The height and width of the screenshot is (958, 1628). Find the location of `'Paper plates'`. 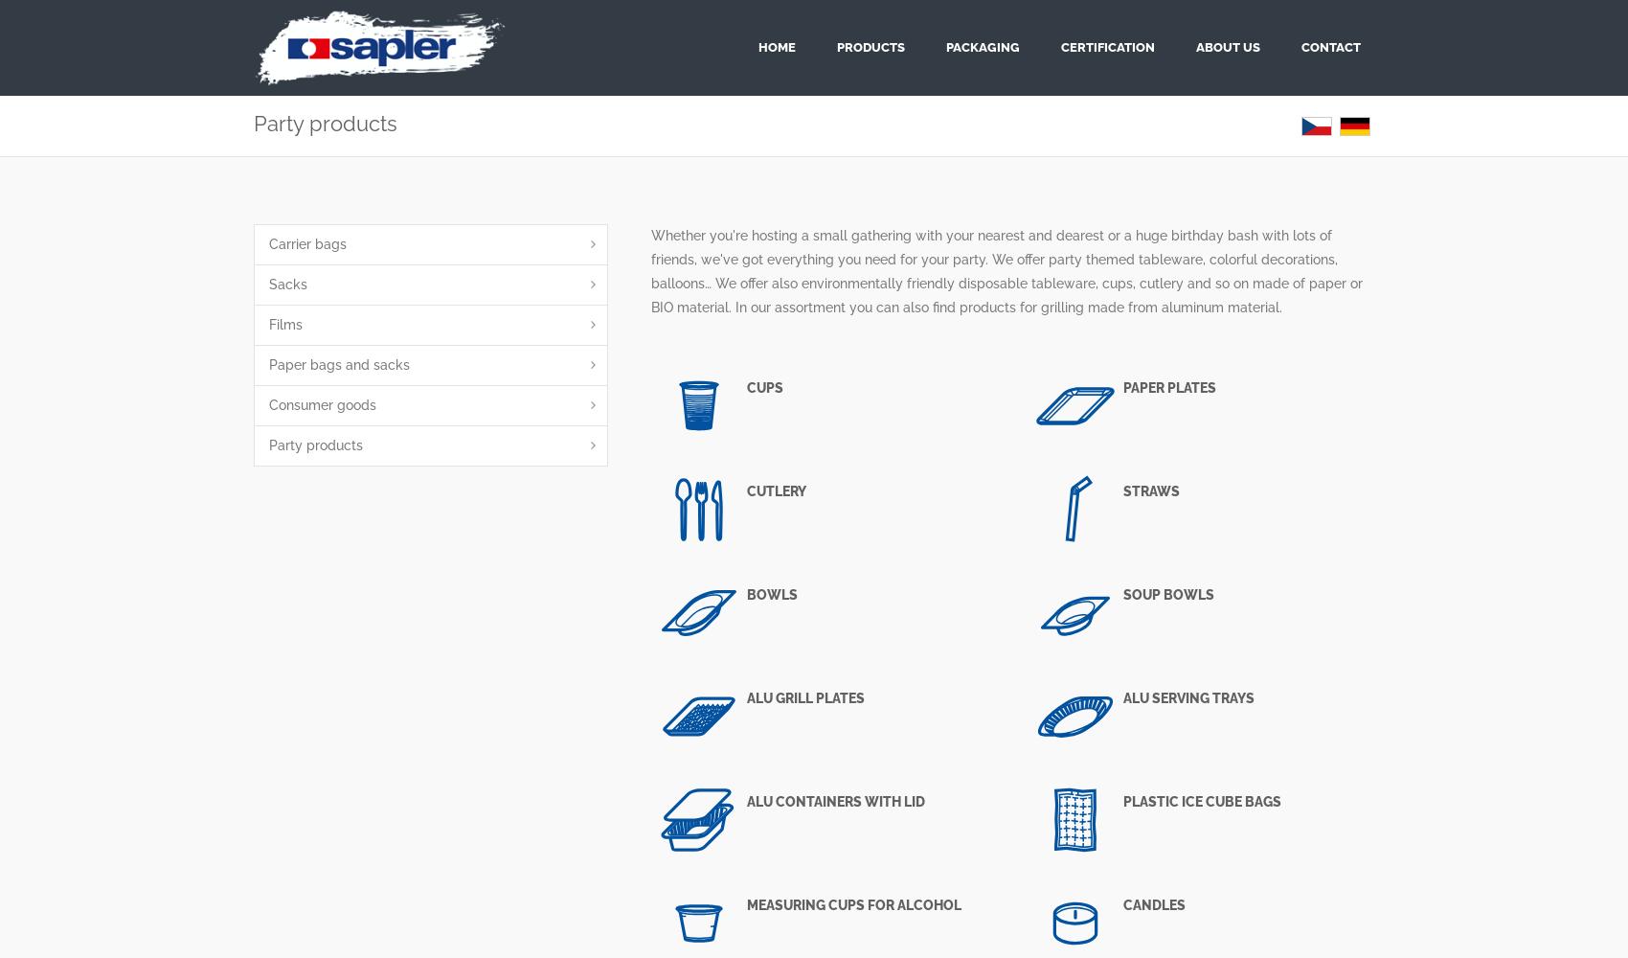

'Paper plates' is located at coordinates (1120, 388).